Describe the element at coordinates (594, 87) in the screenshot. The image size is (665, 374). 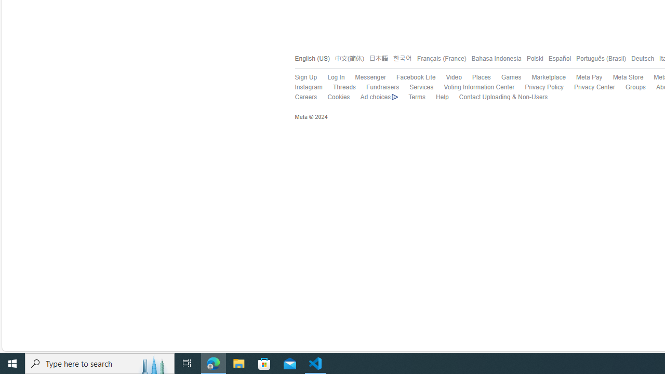
I see `'Privacy Center'` at that location.